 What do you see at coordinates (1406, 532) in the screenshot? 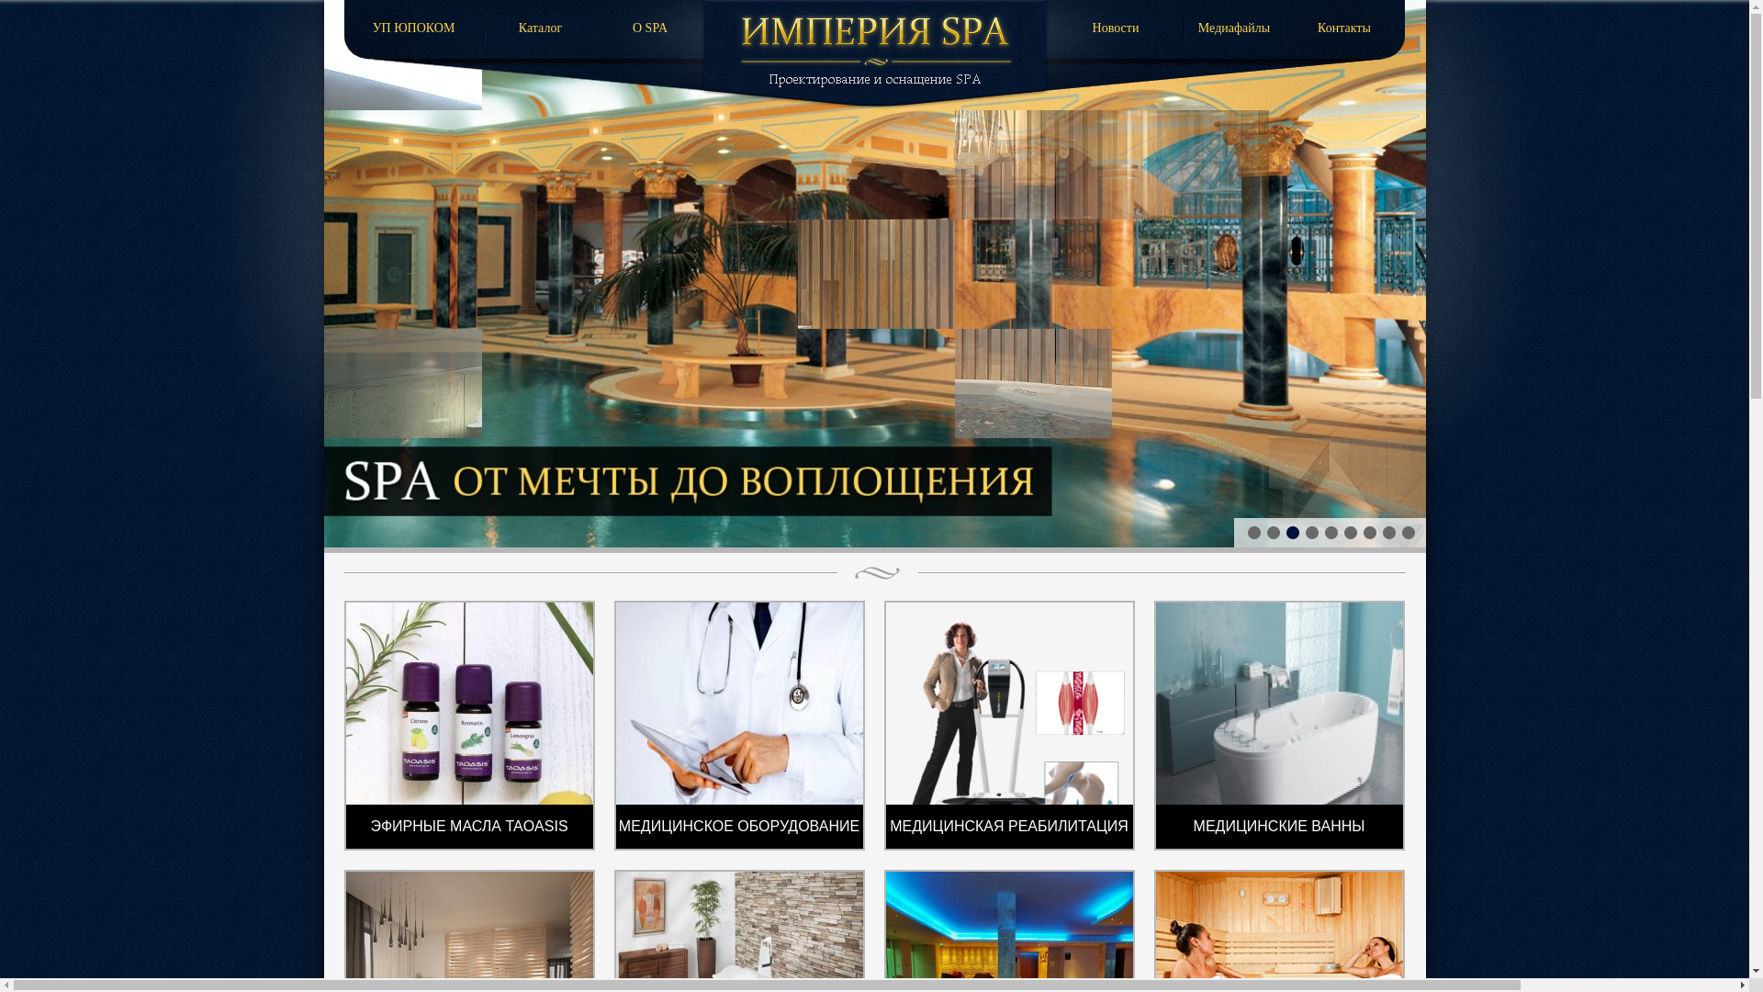
I see `'9'` at bounding box center [1406, 532].